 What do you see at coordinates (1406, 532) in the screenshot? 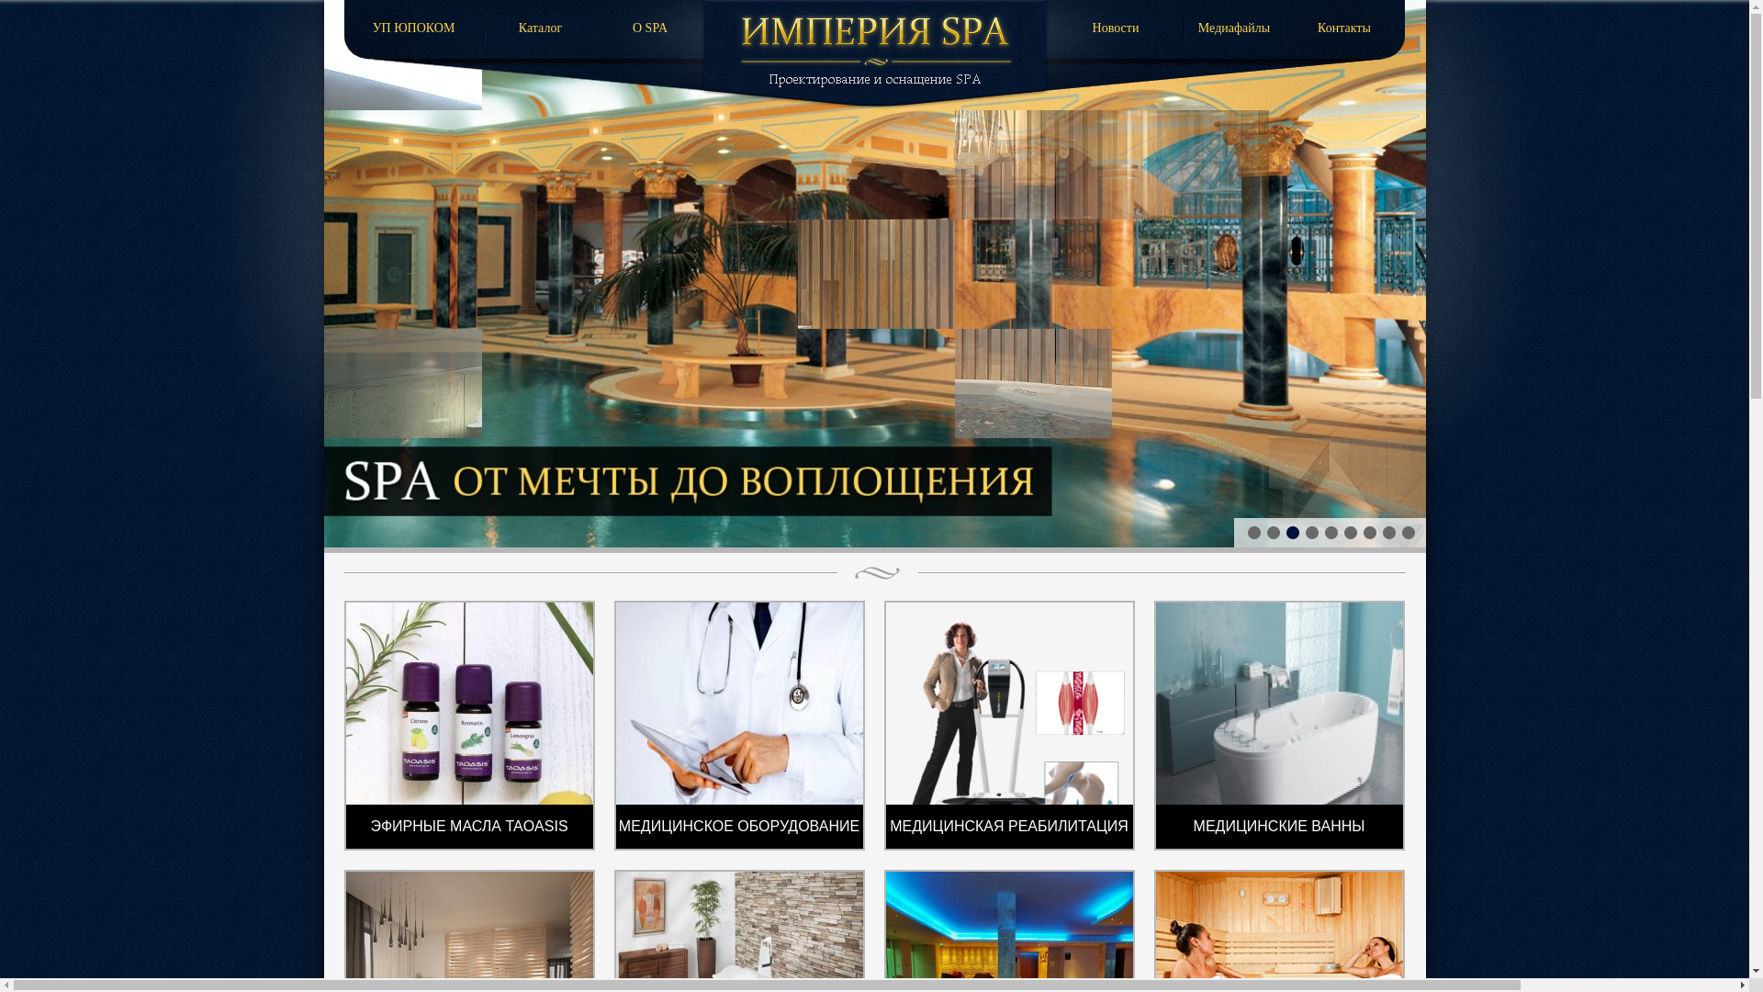
I see `'9'` at bounding box center [1406, 532].